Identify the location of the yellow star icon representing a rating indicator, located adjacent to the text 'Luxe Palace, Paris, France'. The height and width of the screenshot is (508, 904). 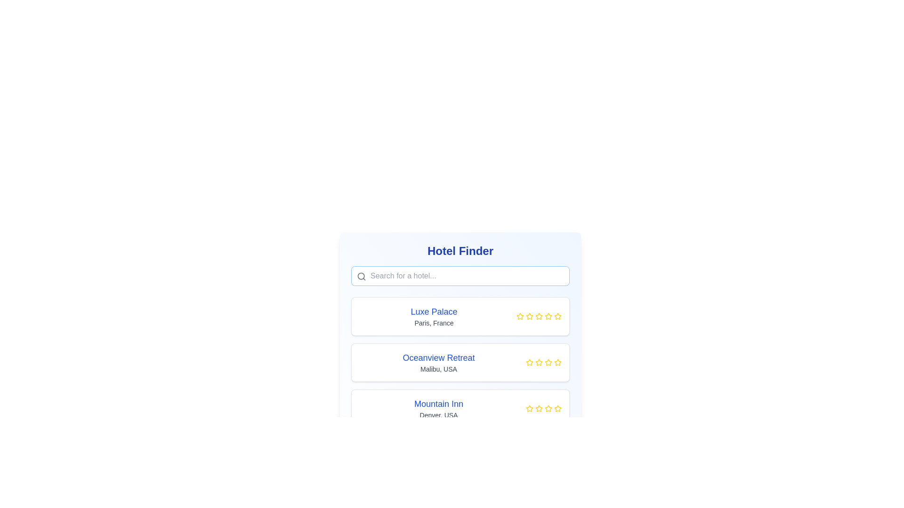
(519, 316).